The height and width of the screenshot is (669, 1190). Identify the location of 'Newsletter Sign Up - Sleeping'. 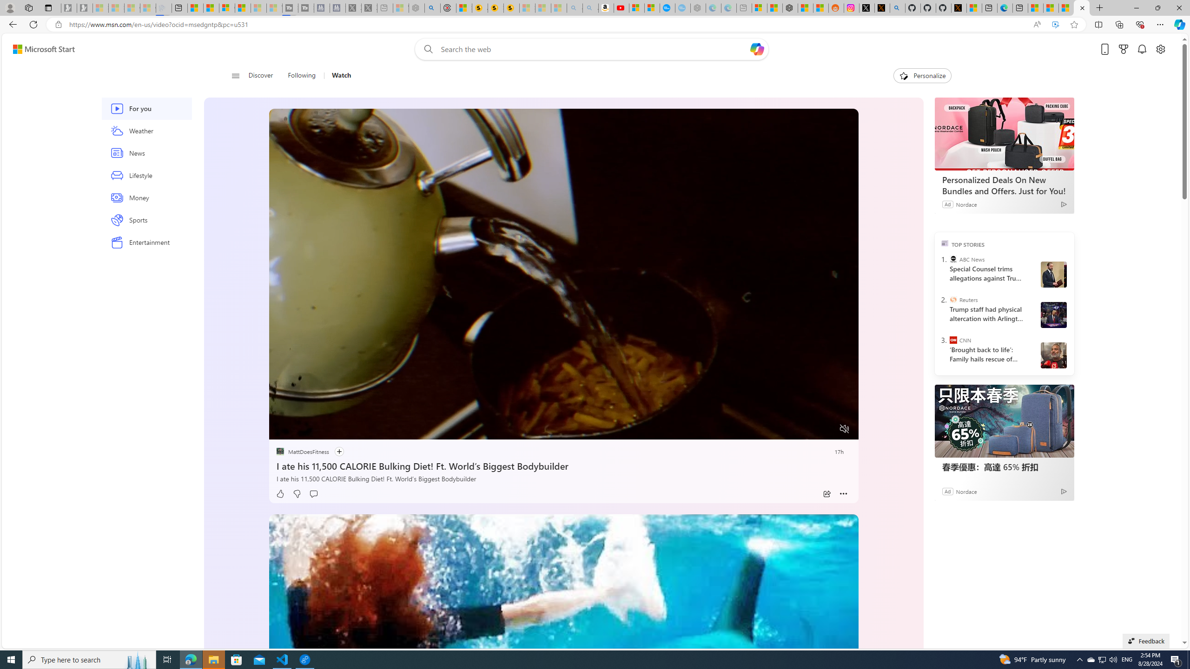
(84, 7).